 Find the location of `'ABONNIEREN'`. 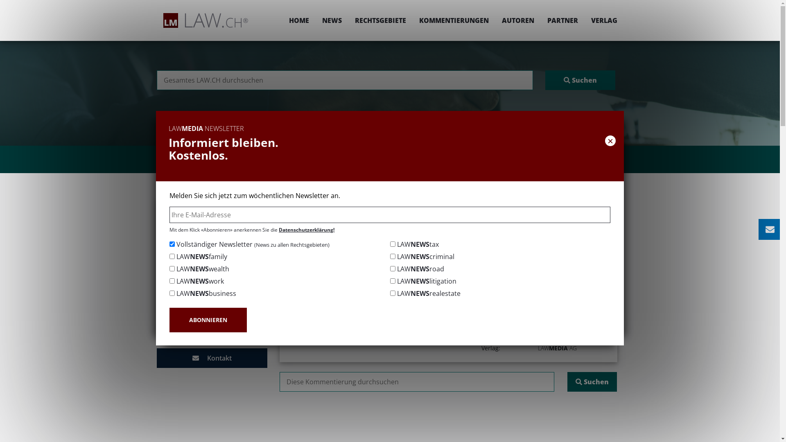

'ABONNIEREN' is located at coordinates (208, 320).